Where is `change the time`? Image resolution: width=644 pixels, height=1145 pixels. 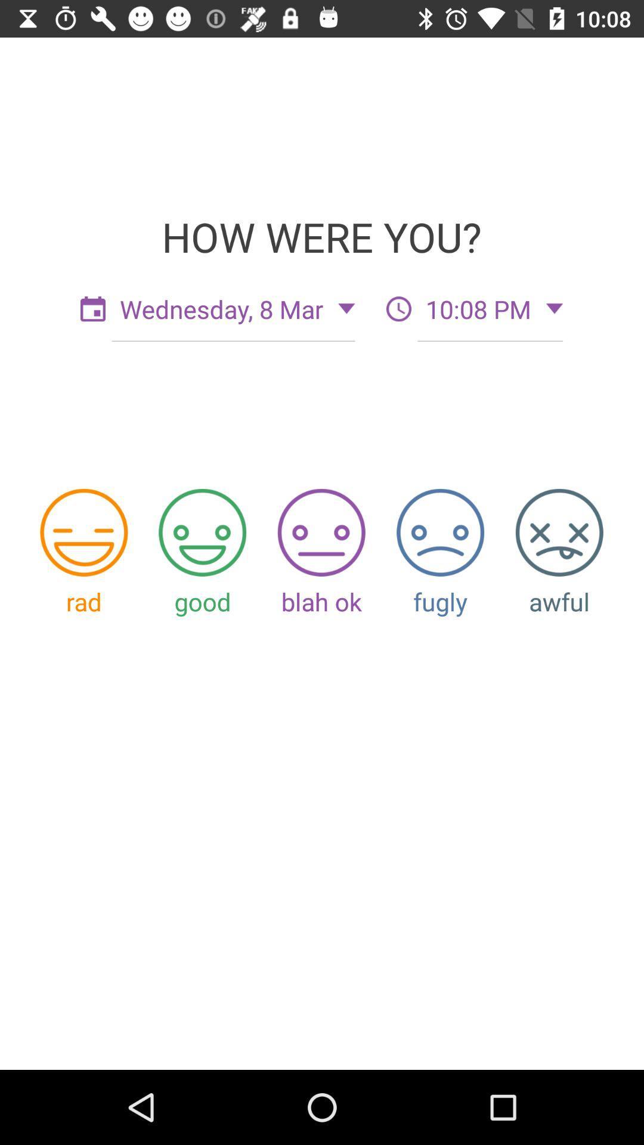
change the time is located at coordinates (398, 309).